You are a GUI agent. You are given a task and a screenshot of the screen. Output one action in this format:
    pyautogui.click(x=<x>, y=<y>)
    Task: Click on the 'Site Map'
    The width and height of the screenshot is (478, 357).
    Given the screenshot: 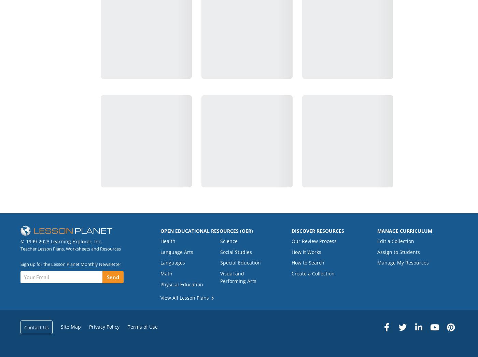 What is the action you would take?
    pyautogui.click(x=60, y=326)
    